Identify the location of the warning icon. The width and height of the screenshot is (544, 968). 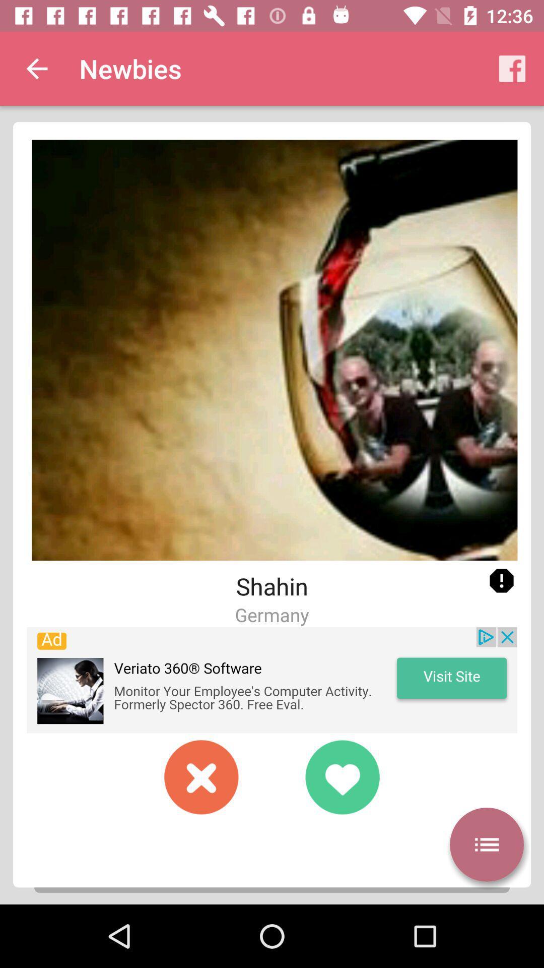
(501, 581).